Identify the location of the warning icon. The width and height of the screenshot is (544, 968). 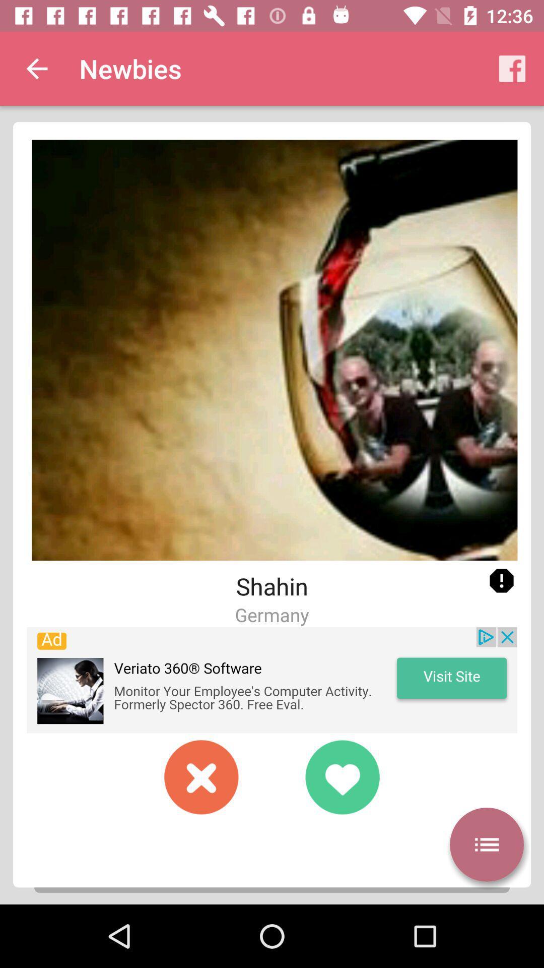
(501, 581).